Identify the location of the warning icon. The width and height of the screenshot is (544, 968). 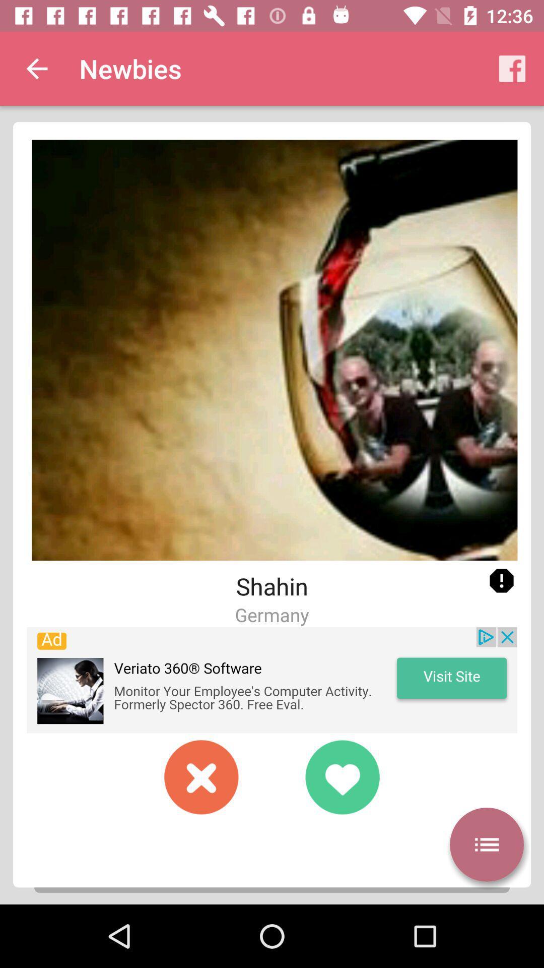
(501, 581).